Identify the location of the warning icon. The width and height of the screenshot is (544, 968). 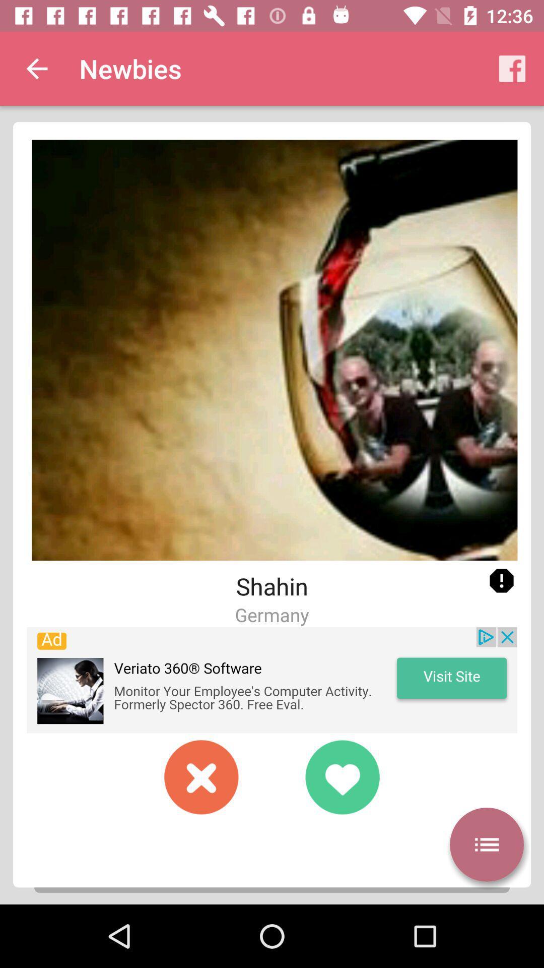
(501, 581).